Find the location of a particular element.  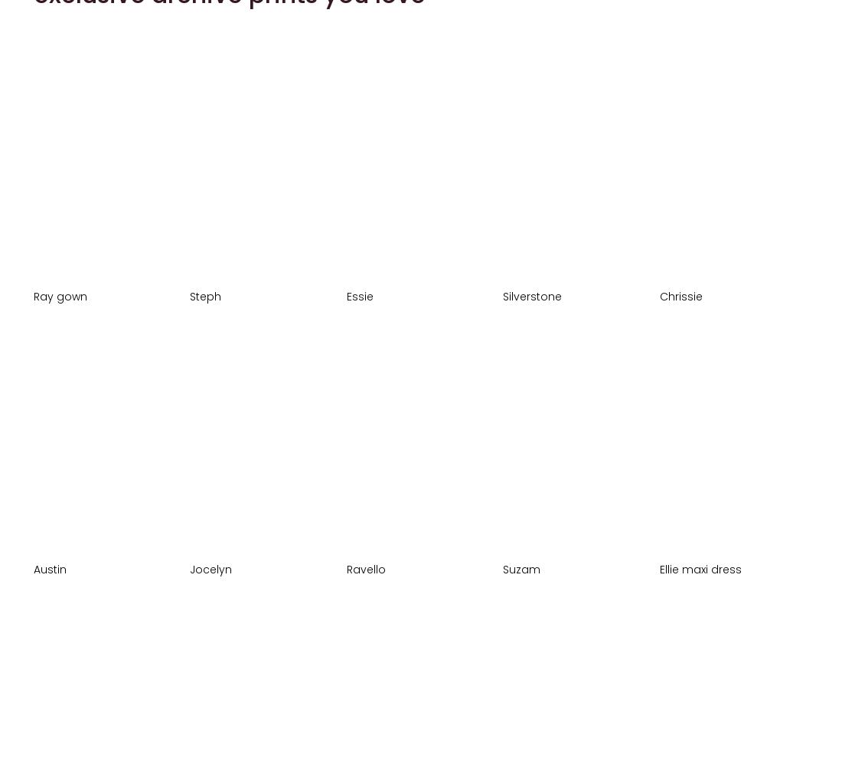

'Essie' is located at coordinates (359, 296).